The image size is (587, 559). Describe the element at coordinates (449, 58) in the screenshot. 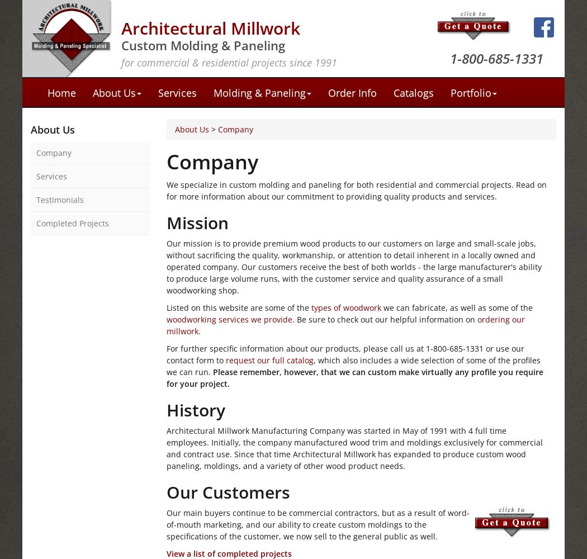

I see `'1-800-685-1331'` at that location.